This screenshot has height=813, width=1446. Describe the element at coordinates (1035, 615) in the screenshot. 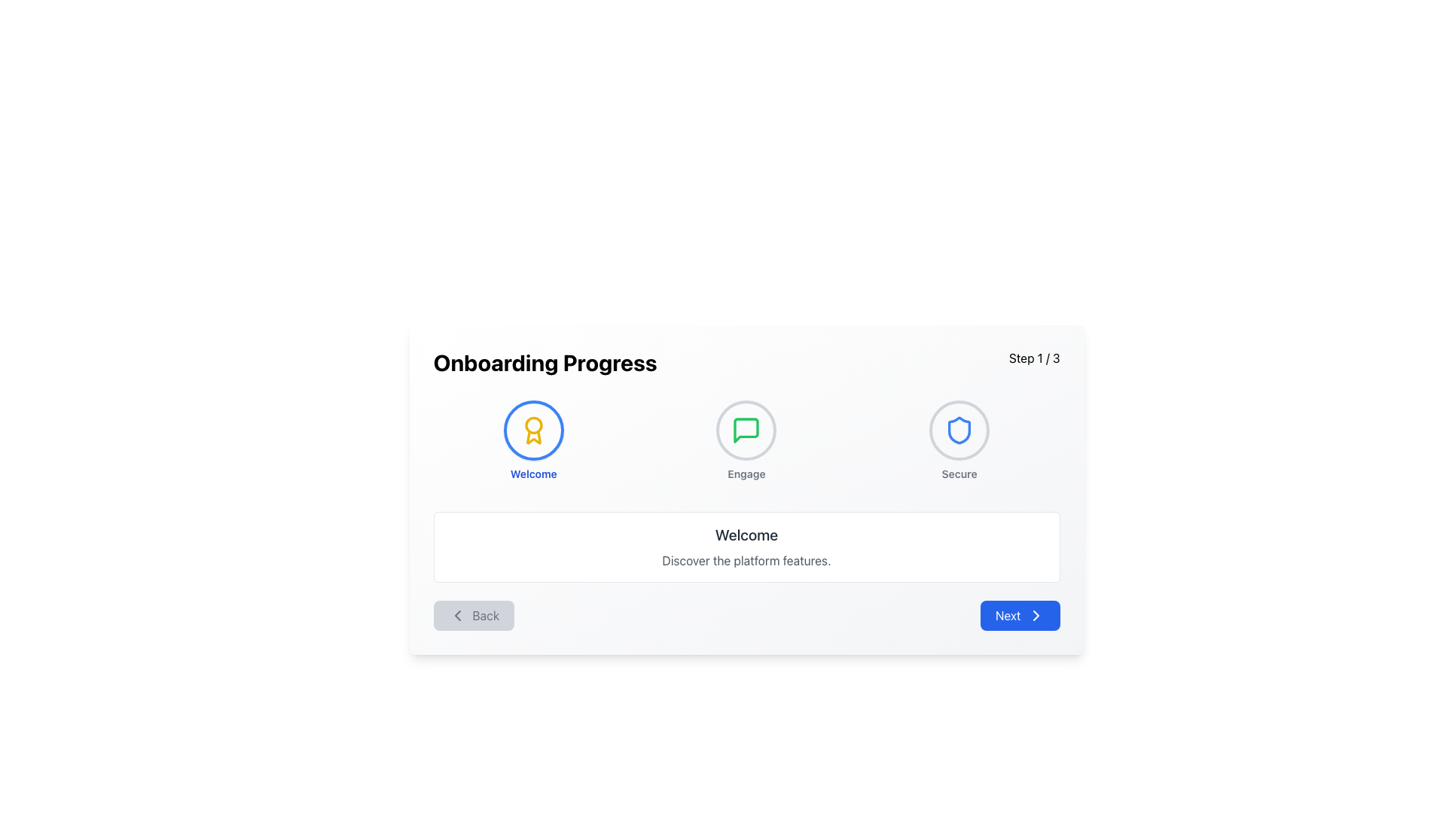

I see `the chevron icon located inside the blue 'Next' button in the bottom-right corner of the interface` at that location.